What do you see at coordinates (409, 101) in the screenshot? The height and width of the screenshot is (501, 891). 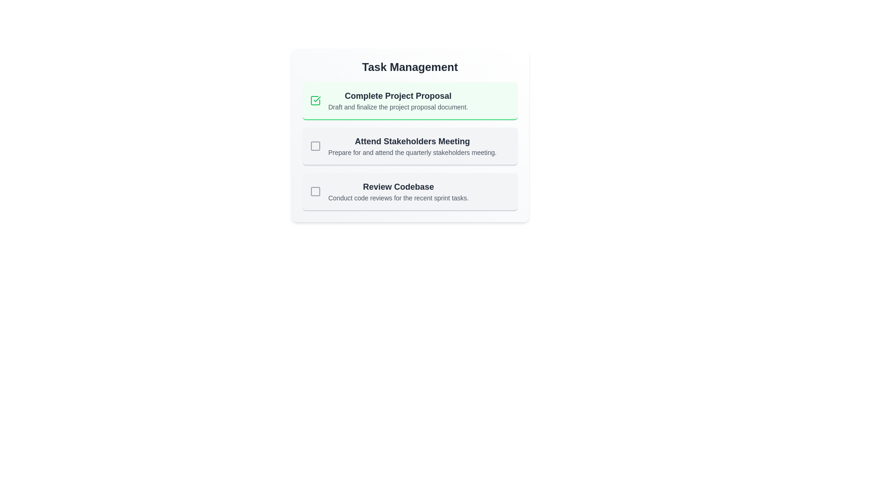 I see `the first task list item titled 'Complete Project Proposal'` at bounding box center [409, 101].